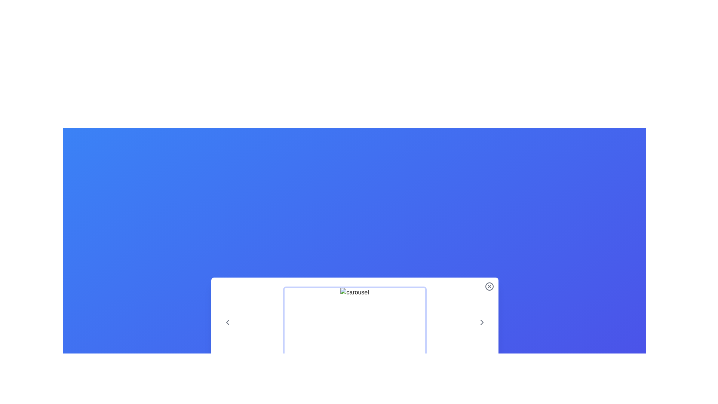 This screenshot has width=718, height=404. Describe the element at coordinates (489, 286) in the screenshot. I see `the circular close button in the top-right corner of the white card area` at that location.